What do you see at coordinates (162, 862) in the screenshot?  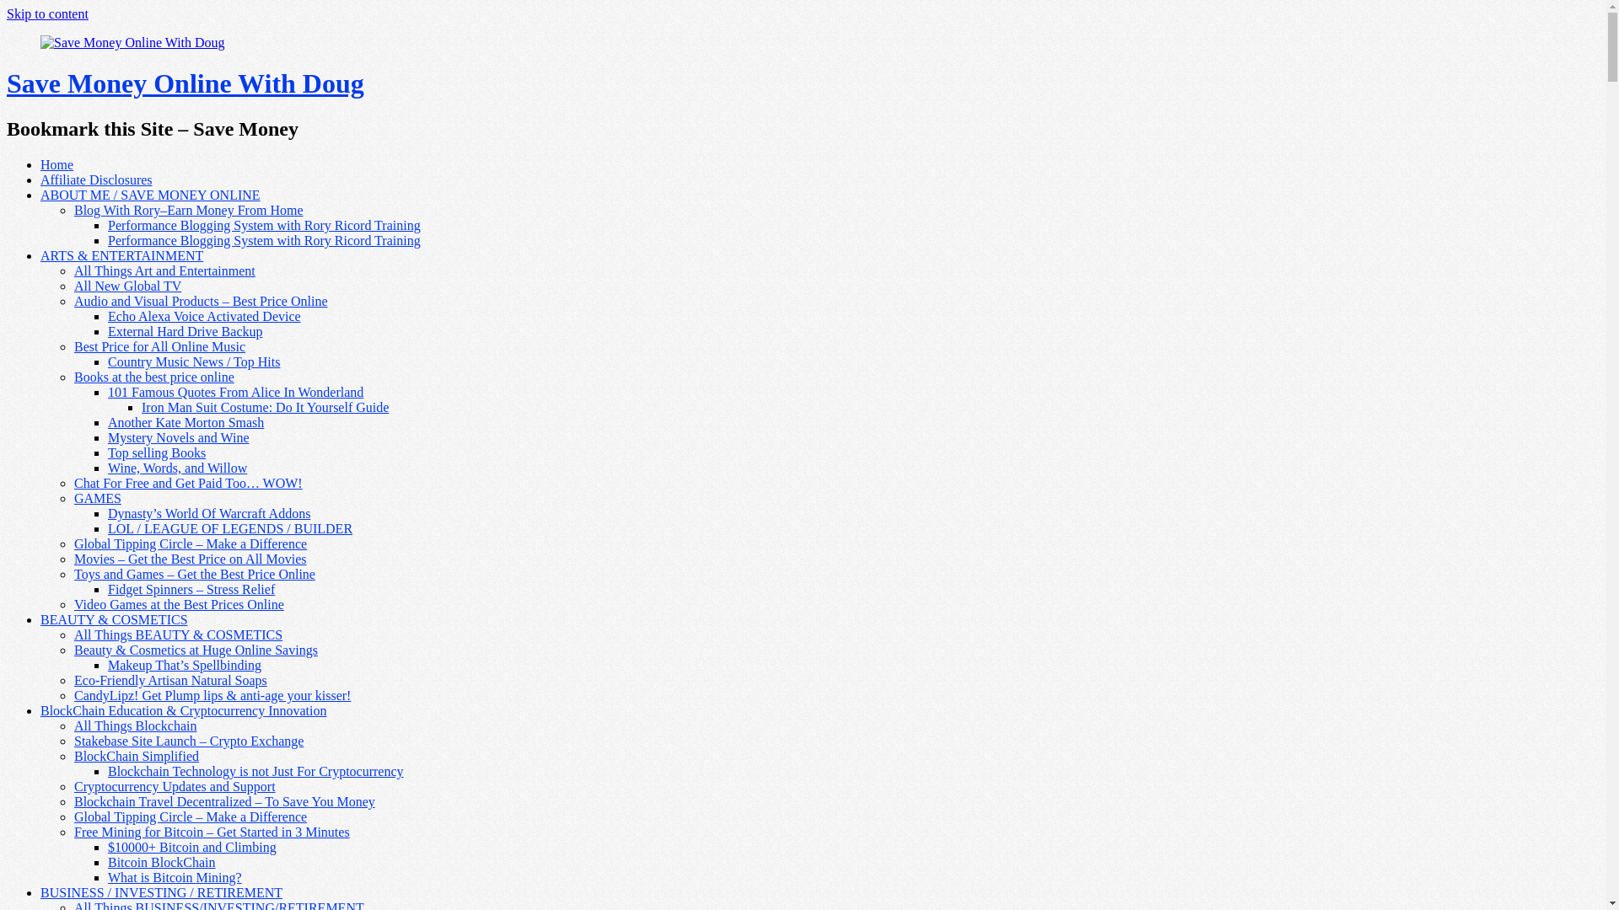 I see `'Bitcoin BlockChain'` at bounding box center [162, 862].